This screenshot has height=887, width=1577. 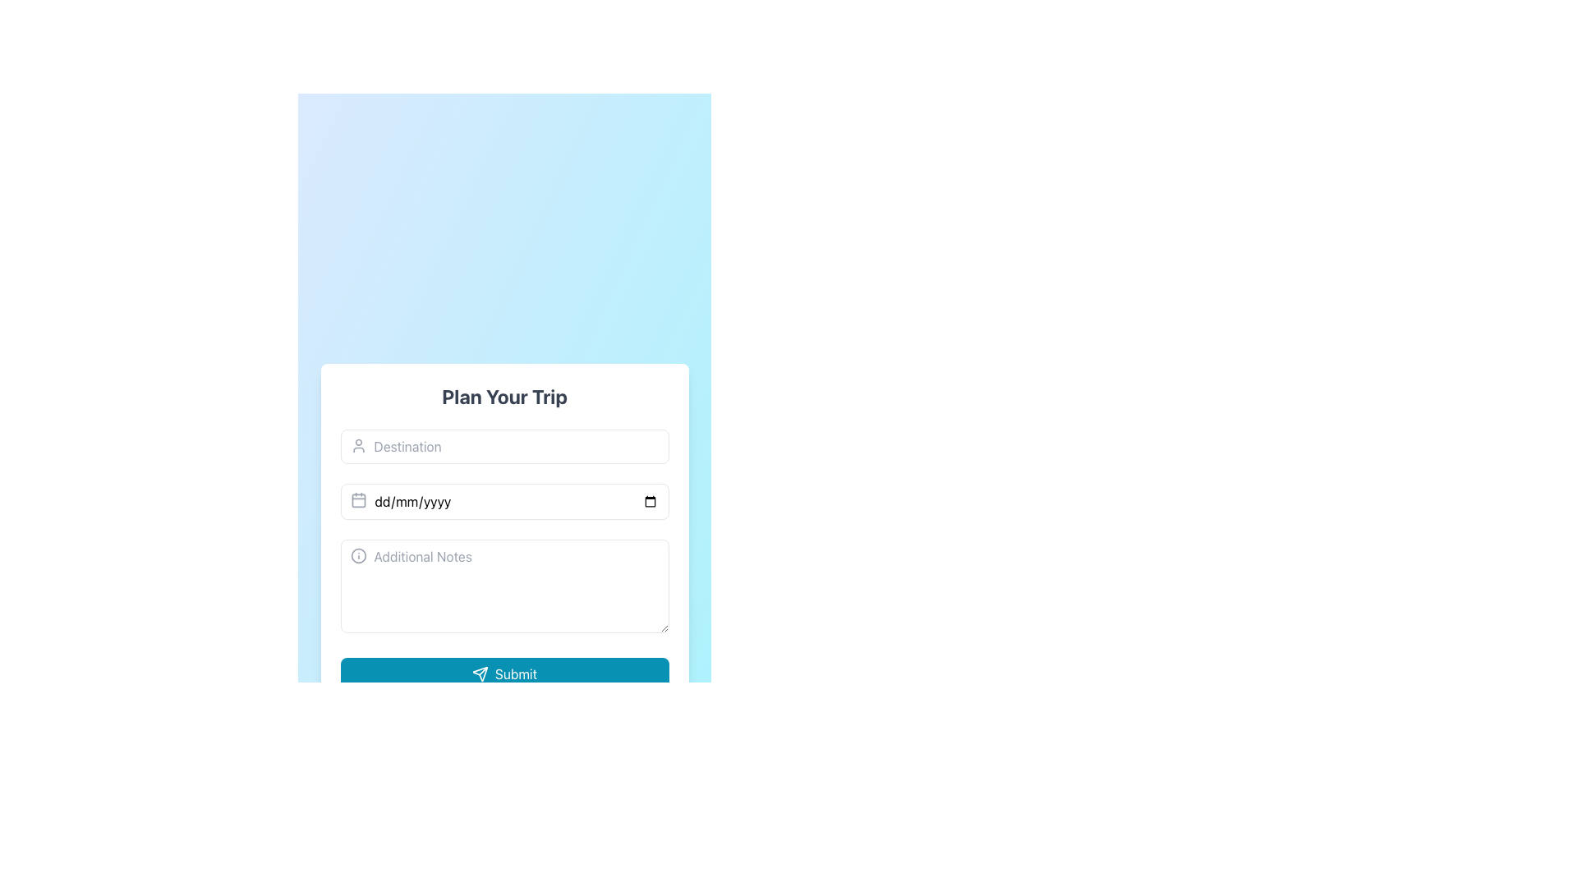 I want to click on the circular SVG icon located to the left of the 'Additional Notes' input field, which is part of a vertically stacked list of input fields, so click(x=357, y=555).